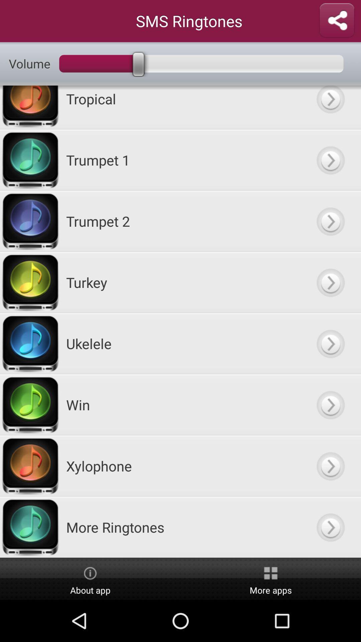  What do you see at coordinates (330, 527) in the screenshot?
I see `next page` at bounding box center [330, 527].